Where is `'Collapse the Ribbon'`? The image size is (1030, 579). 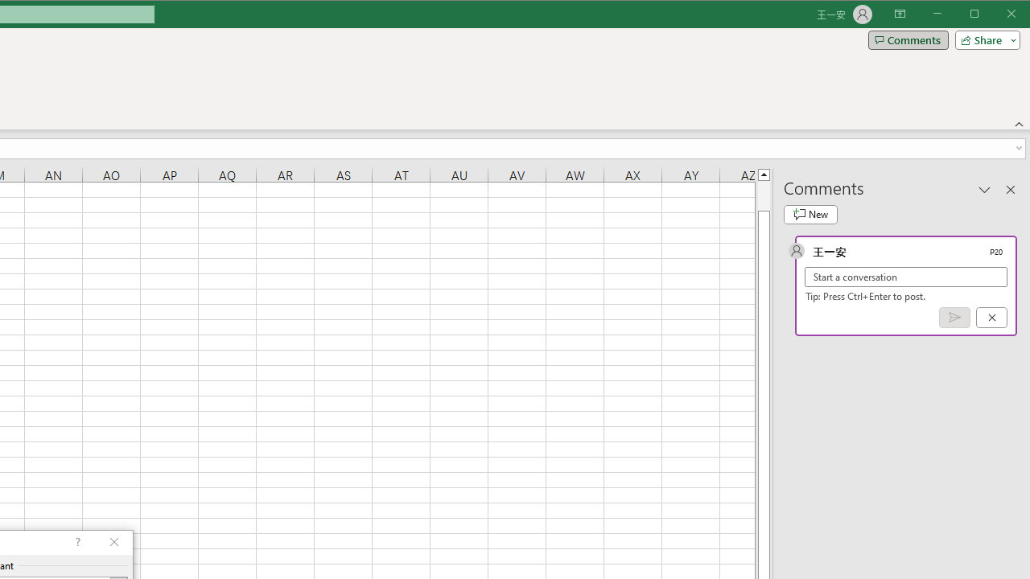 'Collapse the Ribbon' is located at coordinates (1019, 123).